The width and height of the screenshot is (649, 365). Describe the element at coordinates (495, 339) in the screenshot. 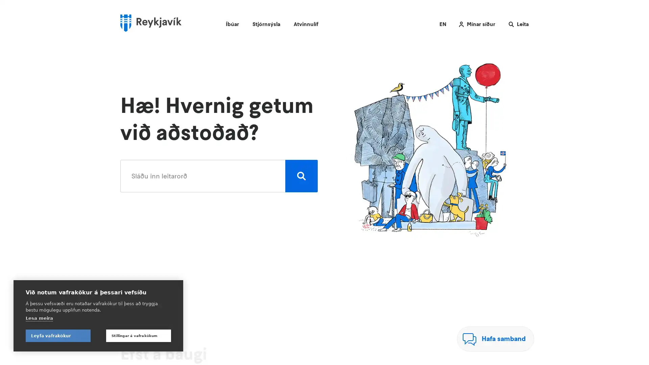

I see `Hafa samband` at that location.